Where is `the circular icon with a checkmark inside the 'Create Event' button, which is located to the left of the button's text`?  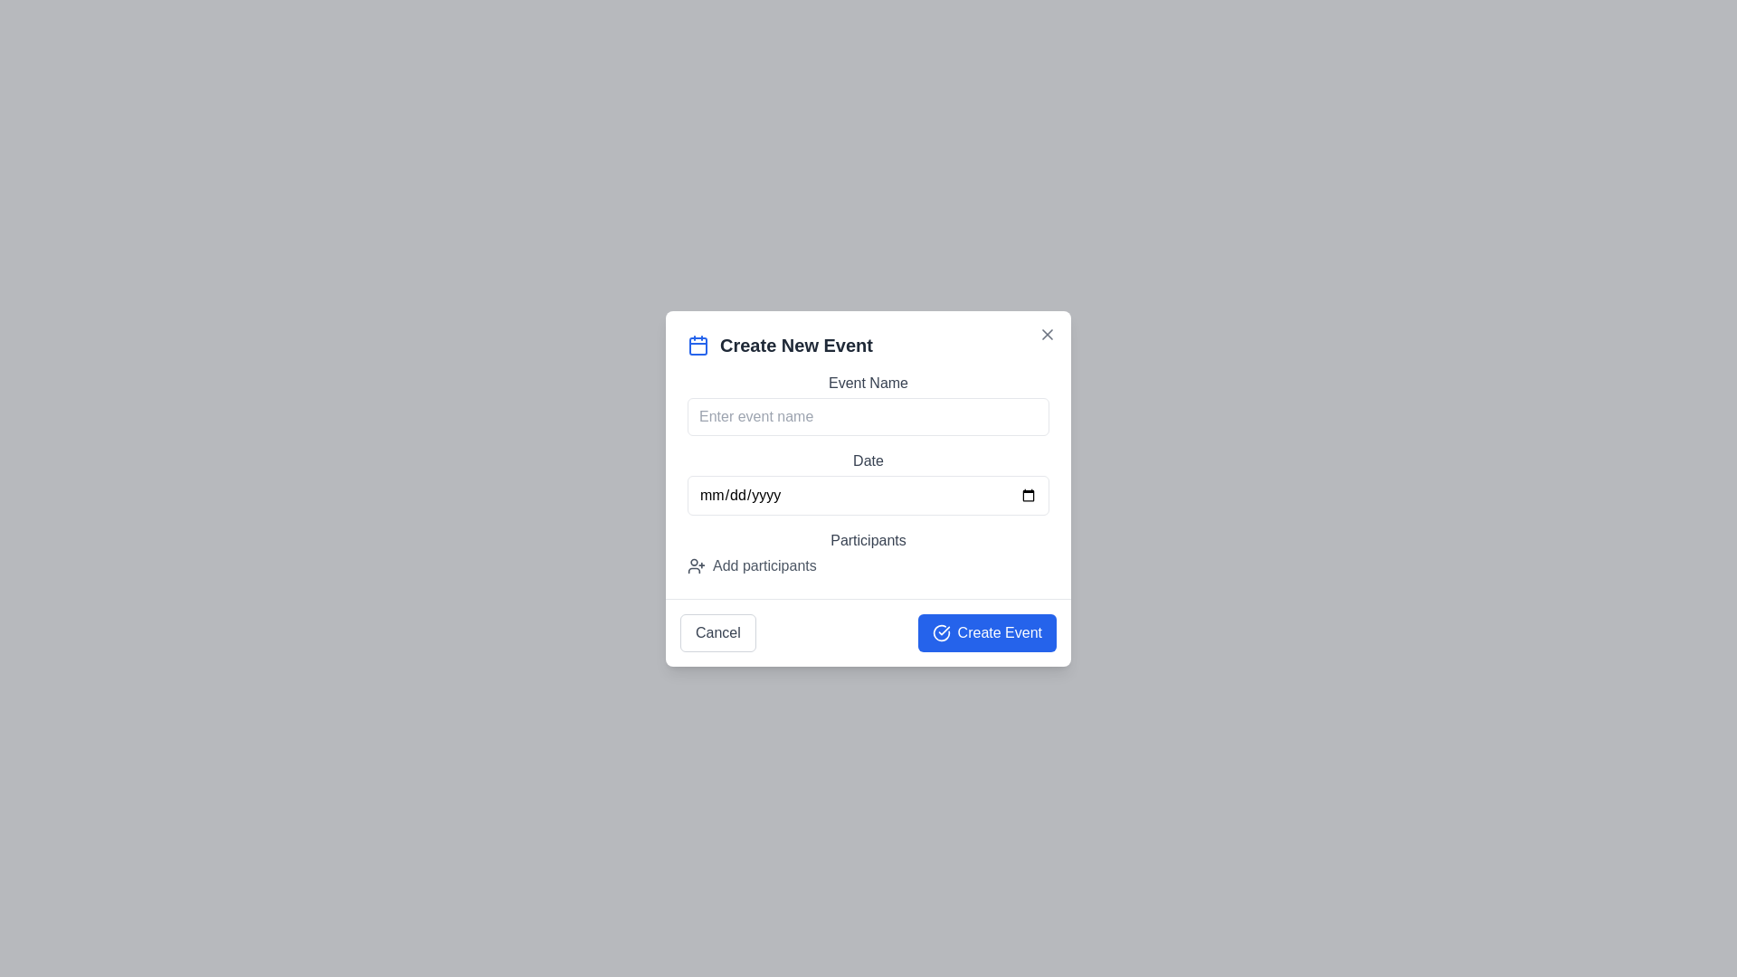
the circular icon with a checkmark inside the 'Create Event' button, which is located to the left of the button's text is located at coordinates (941, 631).